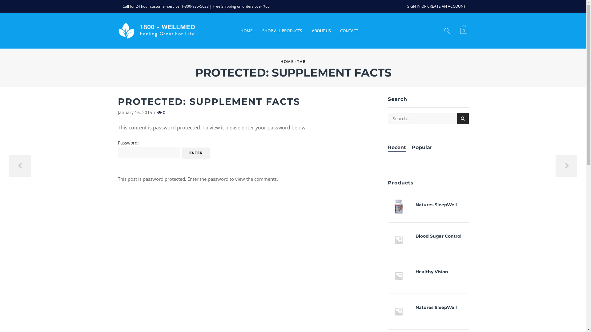 This screenshot has width=591, height=332. I want to click on 'Natures SleepWell', so click(436, 205).